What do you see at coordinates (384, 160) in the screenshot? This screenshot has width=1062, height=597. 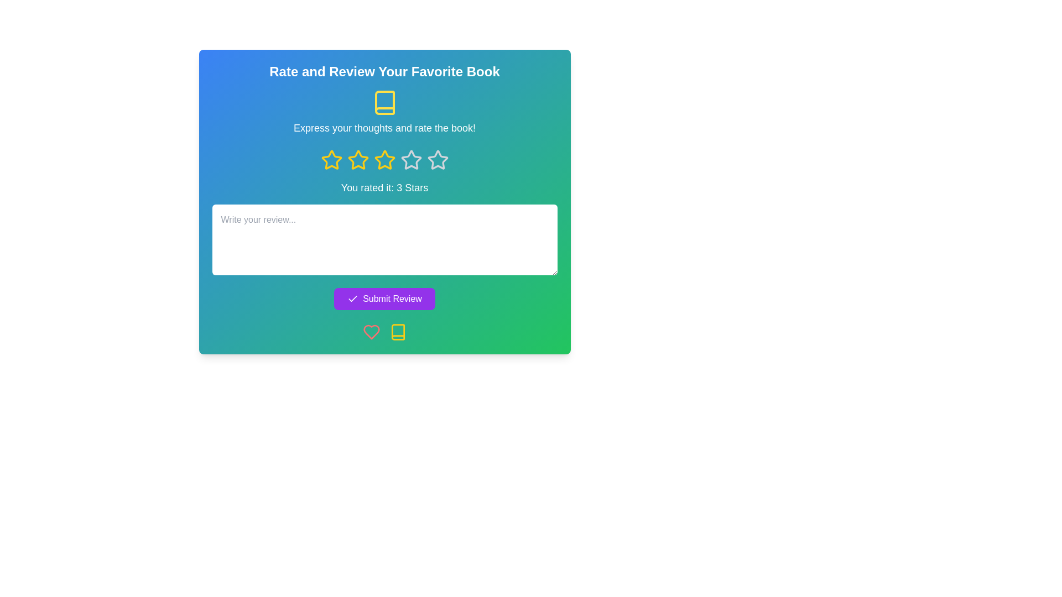 I see `the fourth star in the star-based rating system` at bounding box center [384, 160].